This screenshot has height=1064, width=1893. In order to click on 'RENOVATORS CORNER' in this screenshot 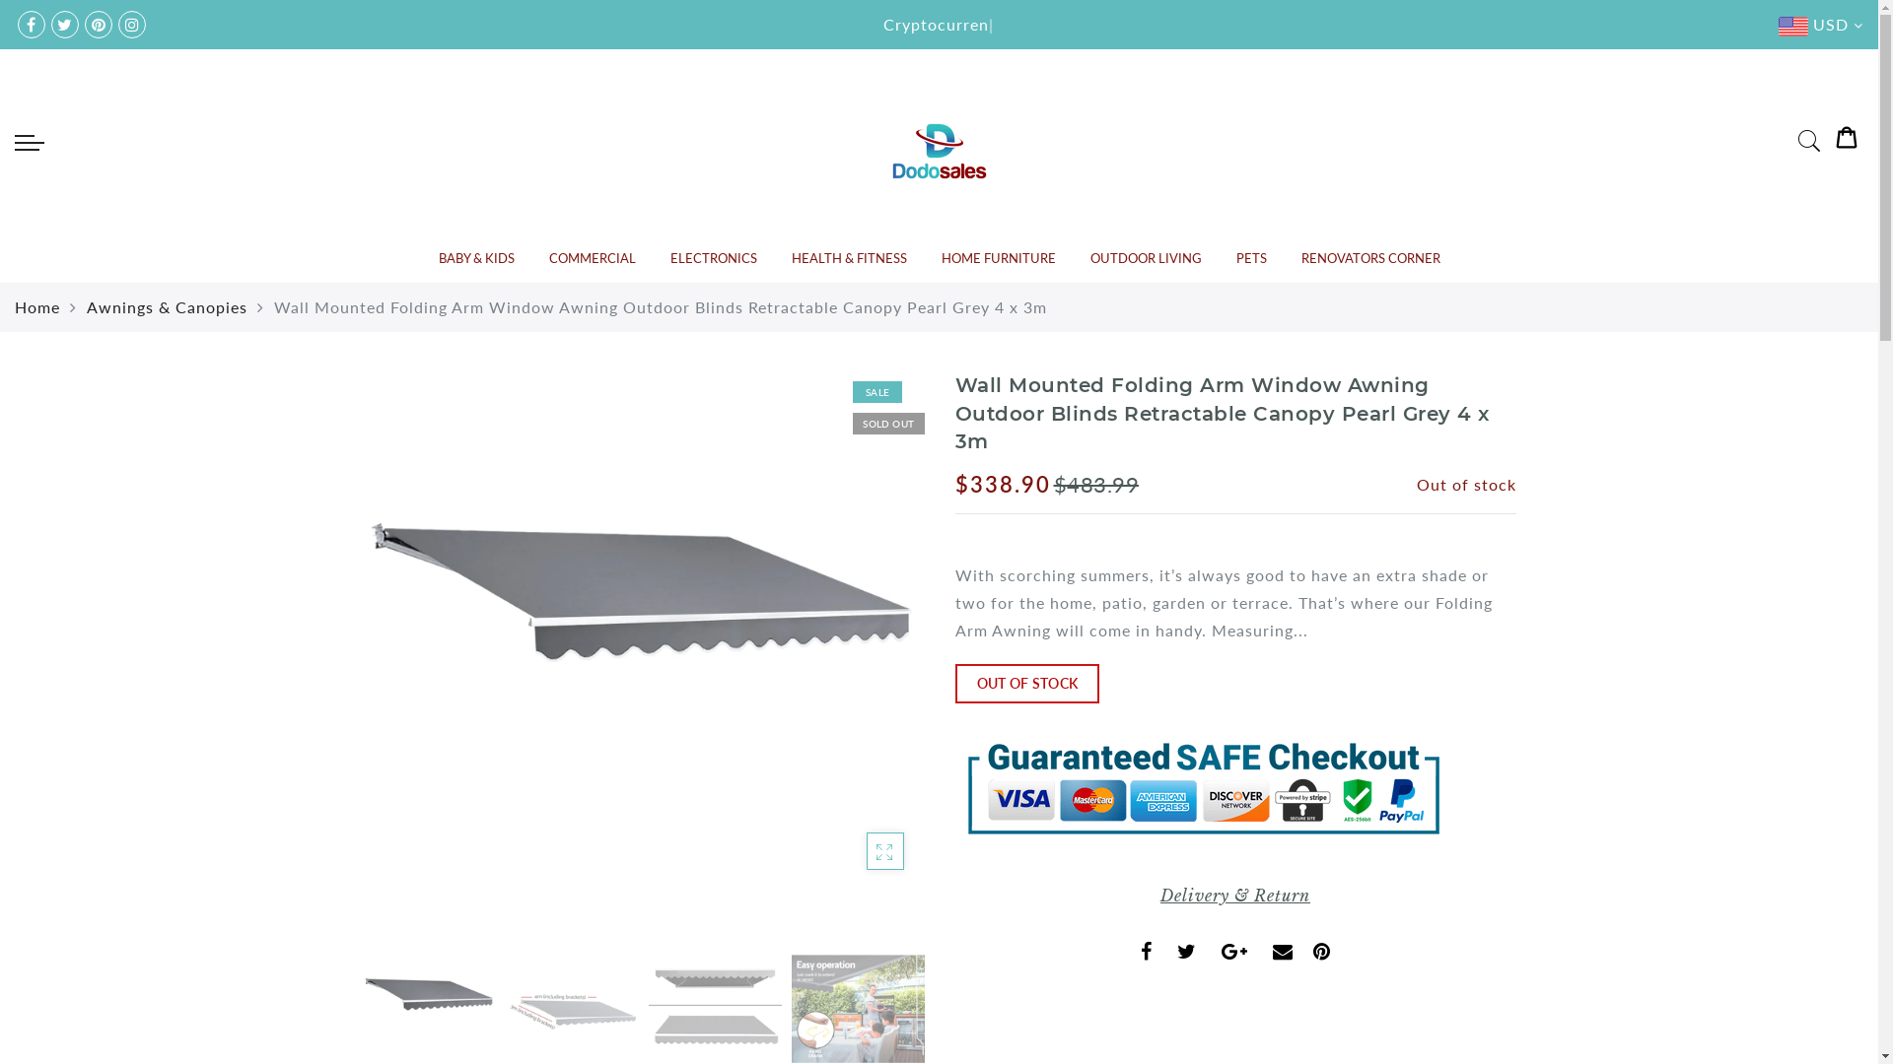, I will do `click(1301, 257)`.